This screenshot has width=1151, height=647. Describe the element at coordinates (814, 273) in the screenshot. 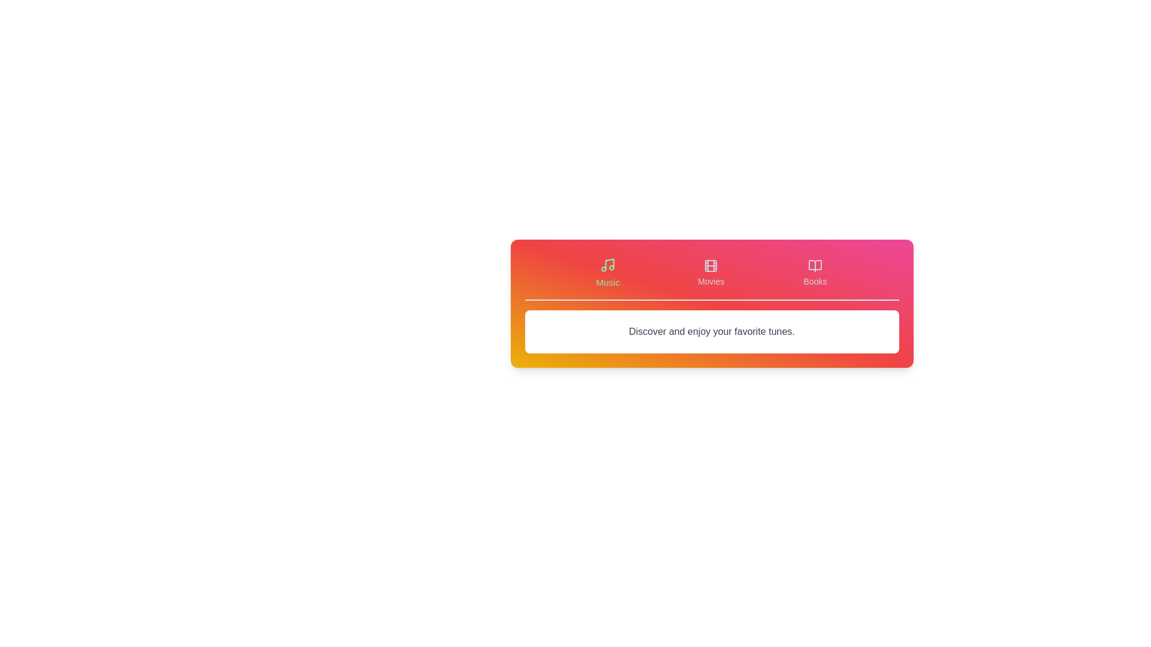

I see `the Books tab to view its content` at that location.